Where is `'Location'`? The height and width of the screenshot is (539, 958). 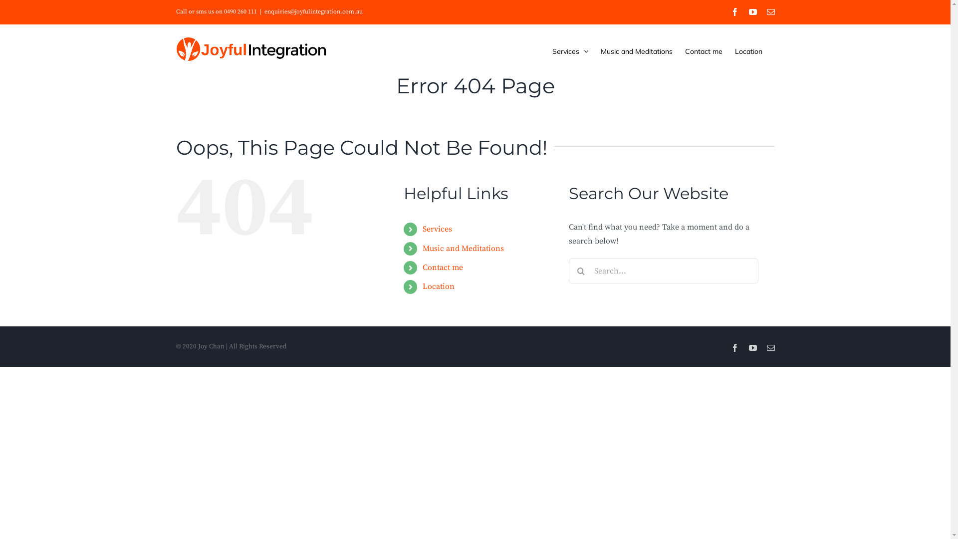 'Location' is located at coordinates (438, 286).